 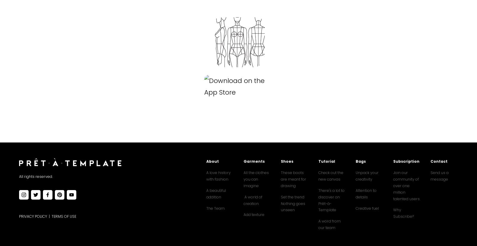 I want to click on 'Check out the new canvas', so click(x=331, y=176).